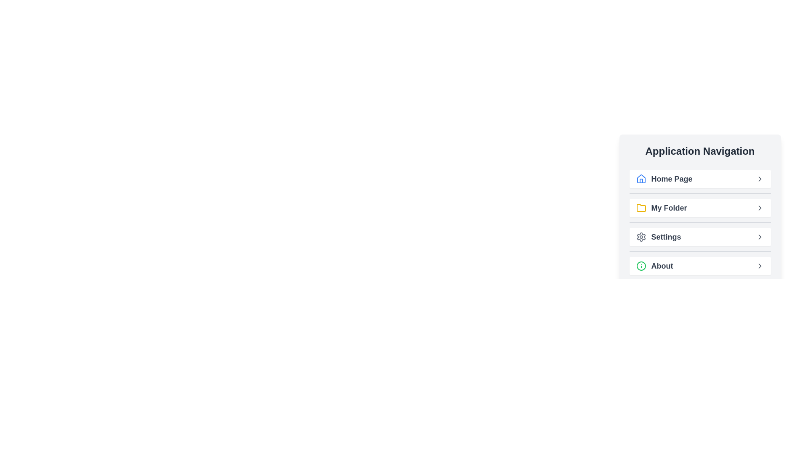 The image size is (808, 454). I want to click on the visual representation of the gear-shaped settings icon located in the 'Settings' navigation option, positioned to the left of the 'Settings' label, so click(641, 237).